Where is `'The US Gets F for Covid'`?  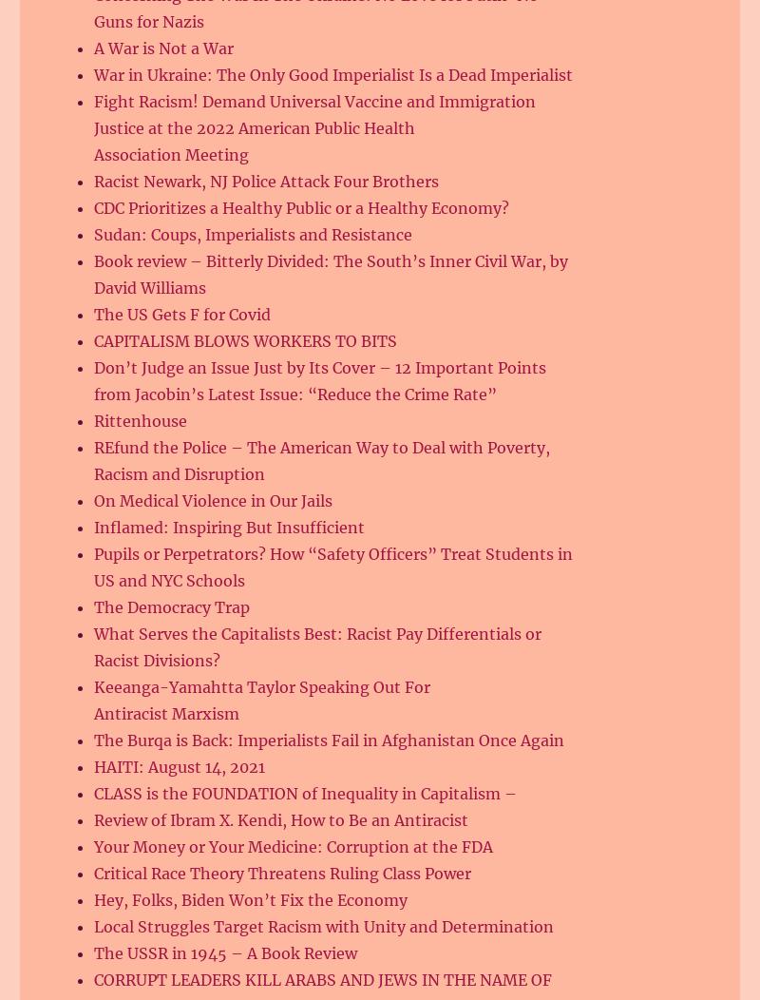 'The US Gets F for Covid' is located at coordinates (181, 313).